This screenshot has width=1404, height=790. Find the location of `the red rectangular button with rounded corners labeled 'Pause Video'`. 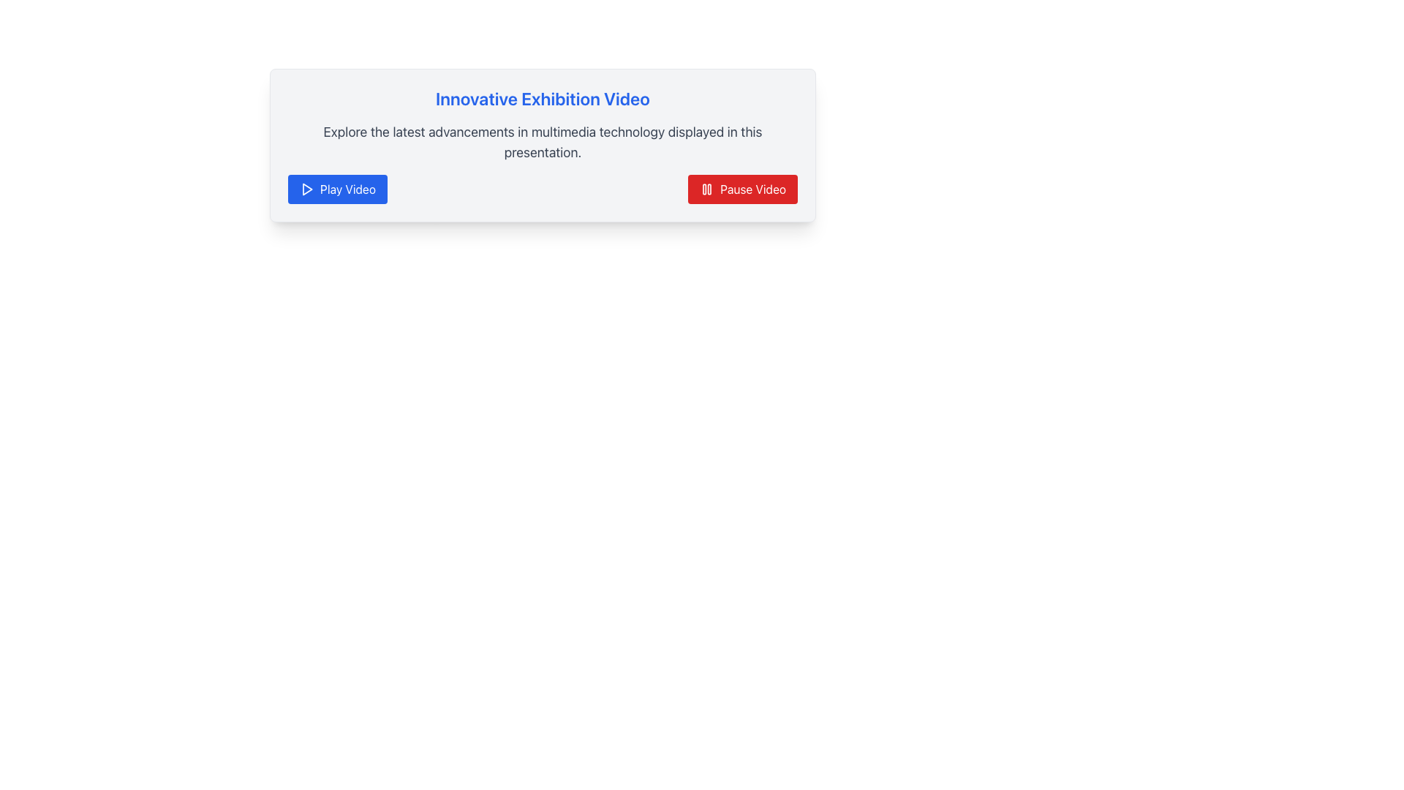

the red rectangular button with rounded corners labeled 'Pause Video' is located at coordinates (743, 188).